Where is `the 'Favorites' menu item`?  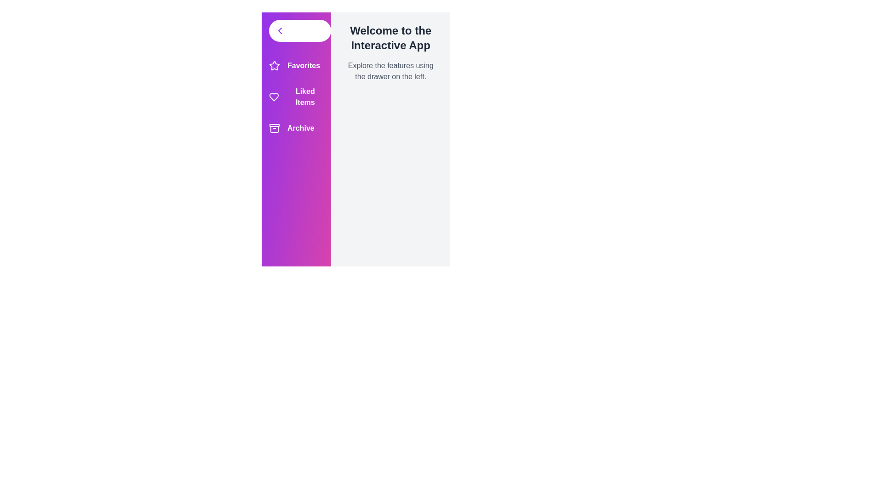
the 'Favorites' menu item is located at coordinates (296, 65).